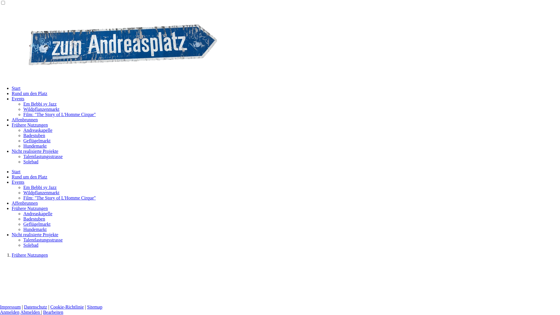  I want to click on 'Film: "The Story of L'Homme Cirque"', so click(59, 114).